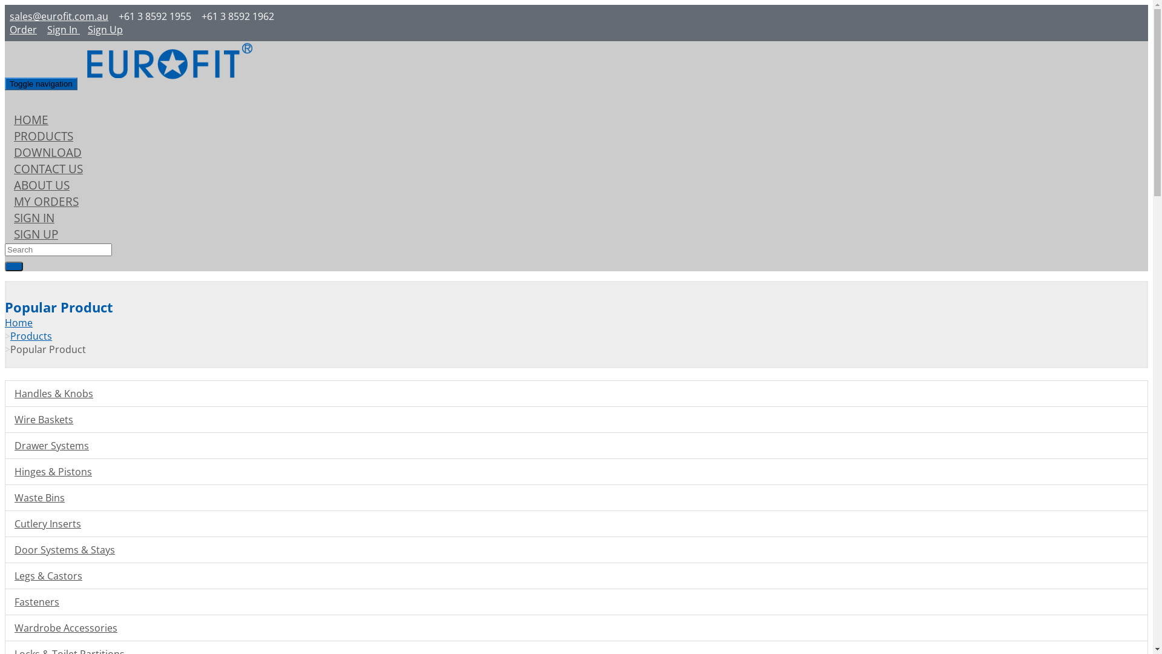  Describe the element at coordinates (58, 16) in the screenshot. I see `'sales@eurofit.com.au'` at that location.